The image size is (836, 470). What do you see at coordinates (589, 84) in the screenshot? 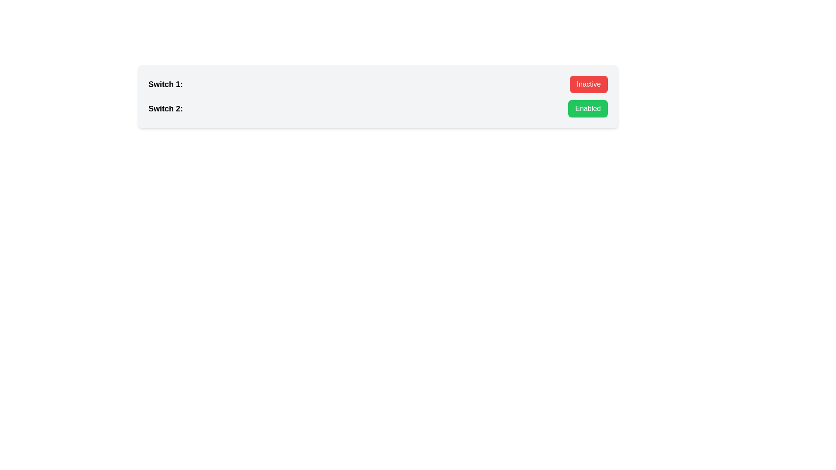
I see `the 'Inactive' button to toggle Switch 1 to the 'Active' state` at bounding box center [589, 84].